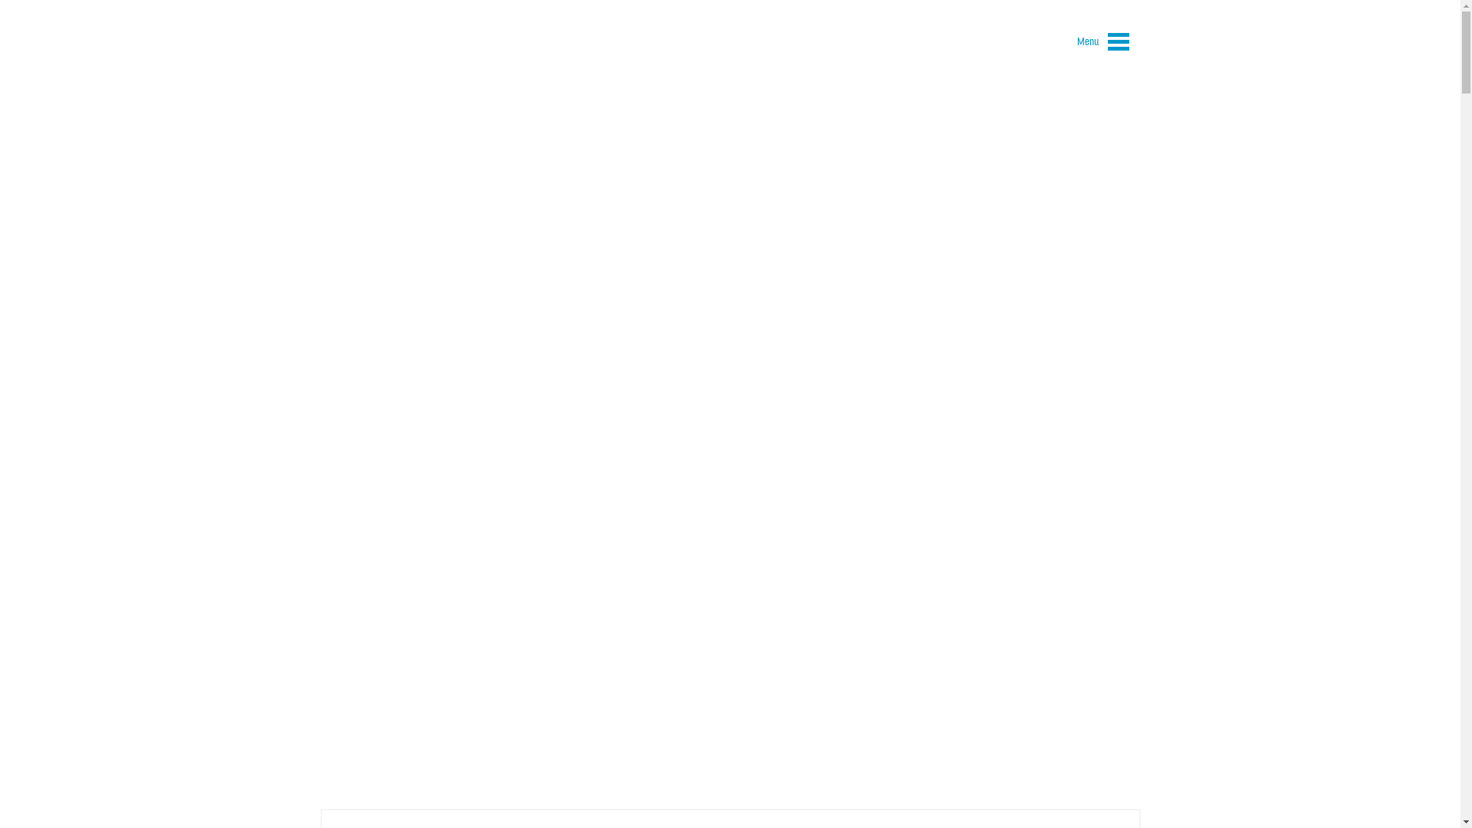 This screenshot has height=828, width=1472. What do you see at coordinates (1065, 44) in the screenshot?
I see `'Menu'` at bounding box center [1065, 44].